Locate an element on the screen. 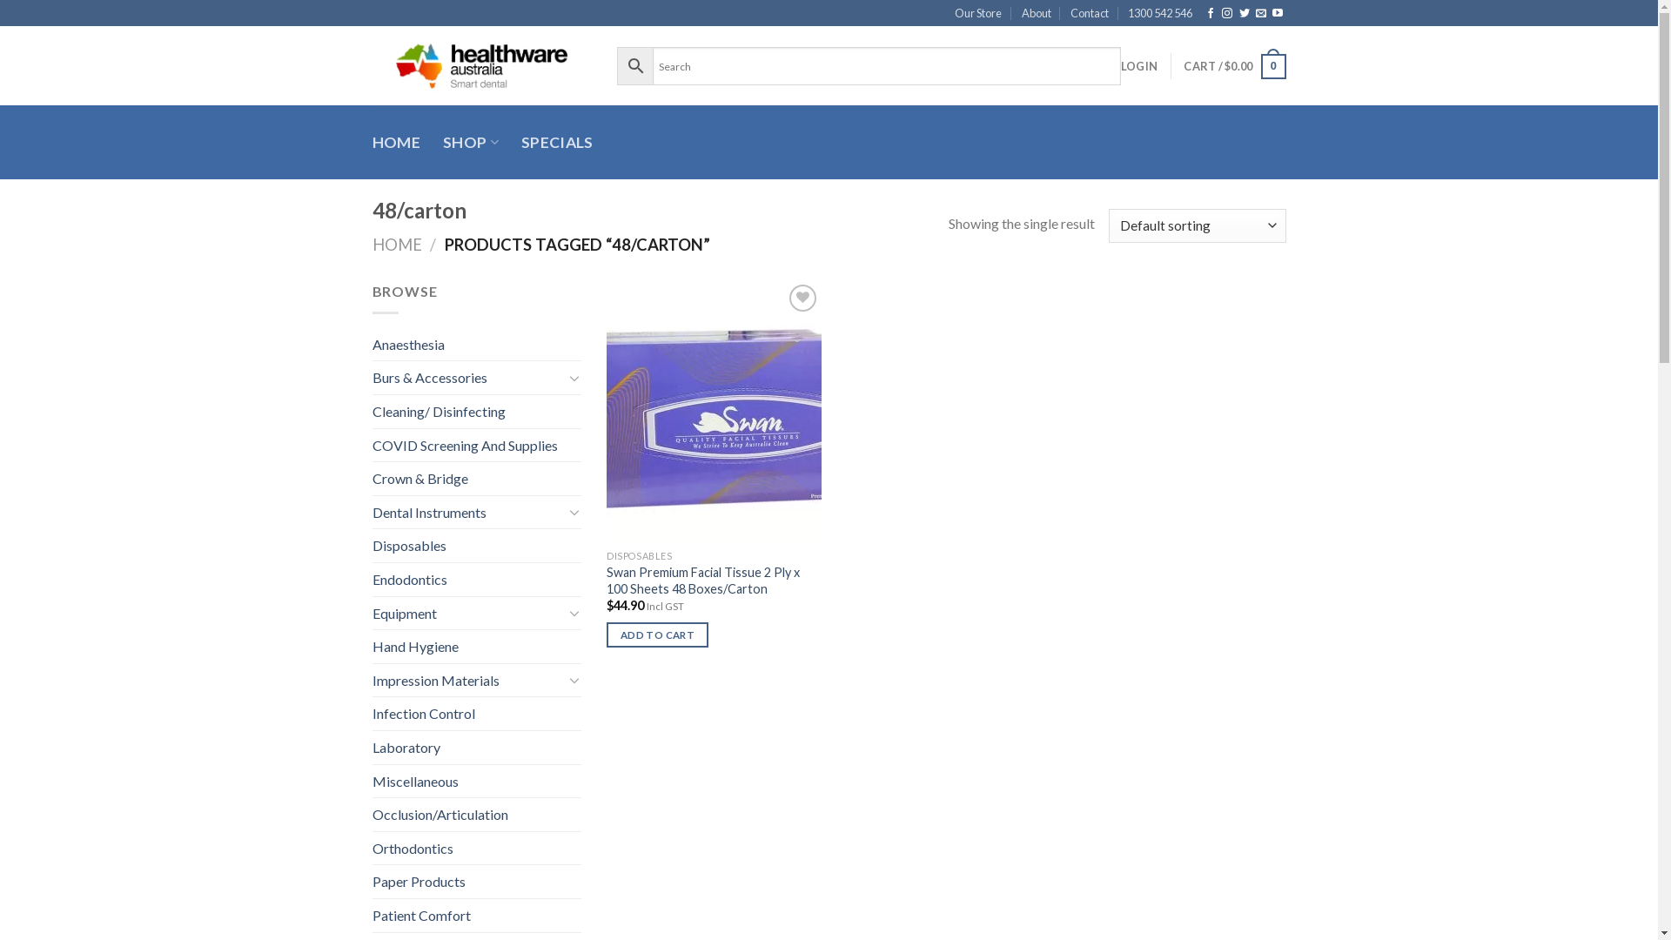 This screenshot has height=940, width=1671. 'Equipment' is located at coordinates (467, 613).